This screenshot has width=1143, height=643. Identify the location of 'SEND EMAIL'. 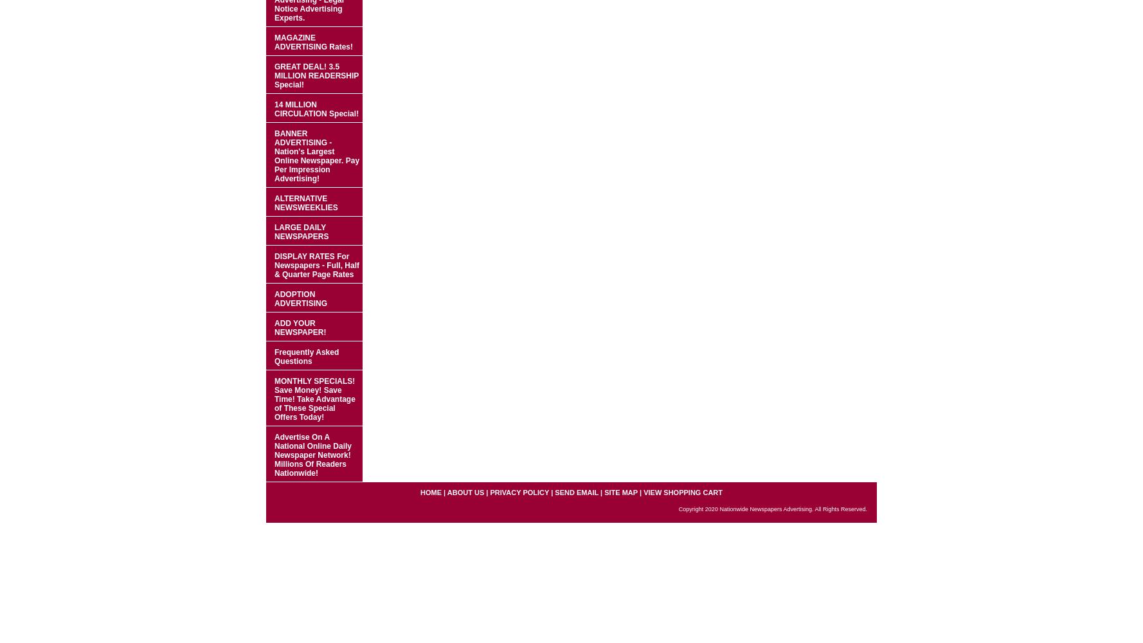
(576, 493).